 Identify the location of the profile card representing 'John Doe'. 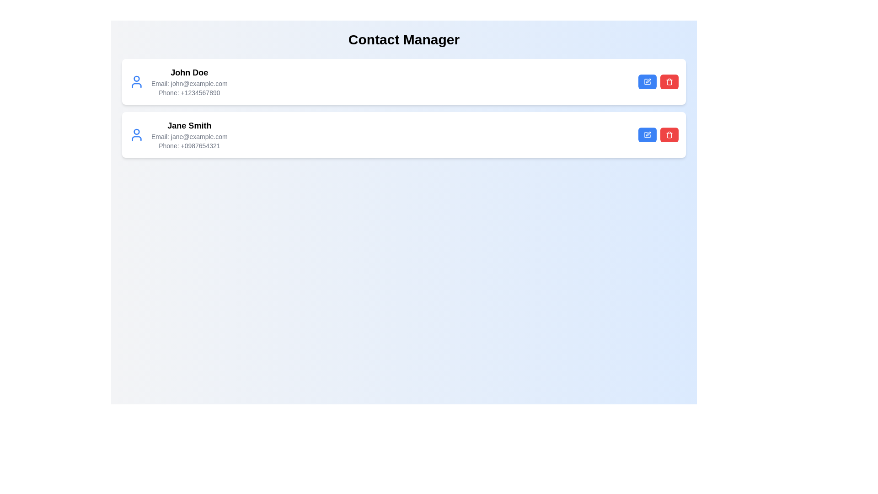
(178, 81).